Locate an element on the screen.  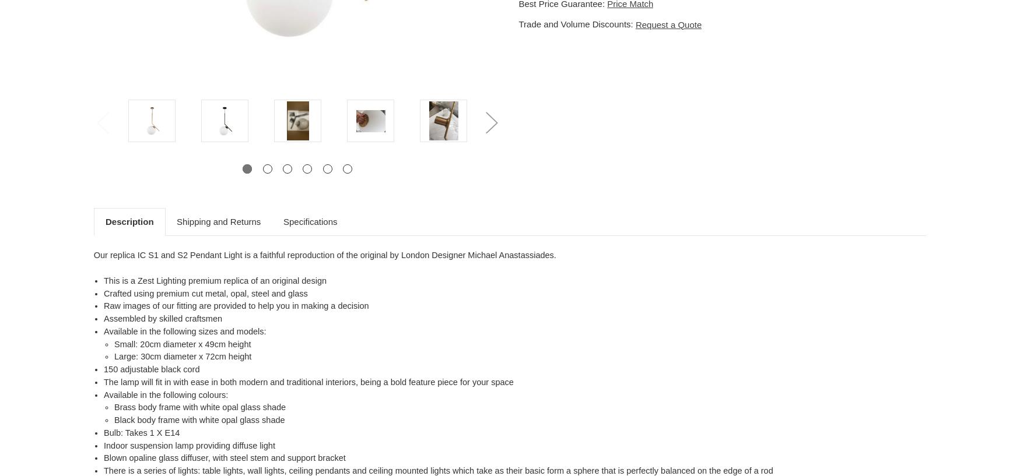
'Large: 3' is located at coordinates (129, 357).